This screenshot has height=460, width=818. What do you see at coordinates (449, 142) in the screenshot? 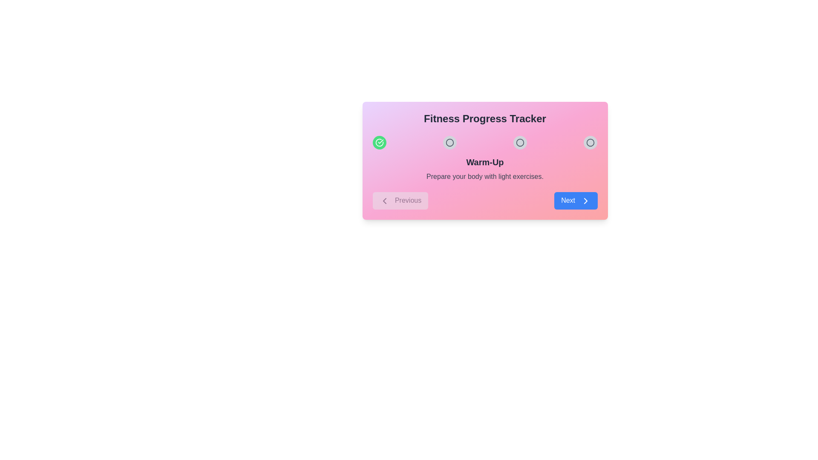
I see `the circular graphical indicator located near the top of the centered card-like interface, which is the second icon in a horizontal row of similar icons` at bounding box center [449, 142].